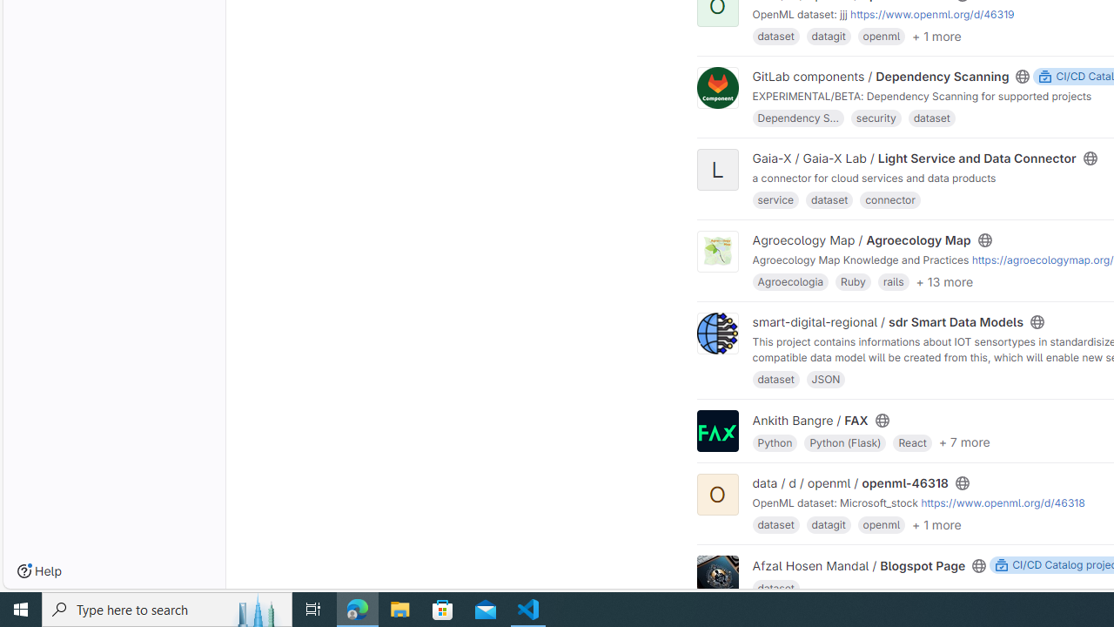  What do you see at coordinates (913, 158) in the screenshot?
I see `'Gaia-X / Gaia-X Lab / Light Service and Data Connector'` at bounding box center [913, 158].